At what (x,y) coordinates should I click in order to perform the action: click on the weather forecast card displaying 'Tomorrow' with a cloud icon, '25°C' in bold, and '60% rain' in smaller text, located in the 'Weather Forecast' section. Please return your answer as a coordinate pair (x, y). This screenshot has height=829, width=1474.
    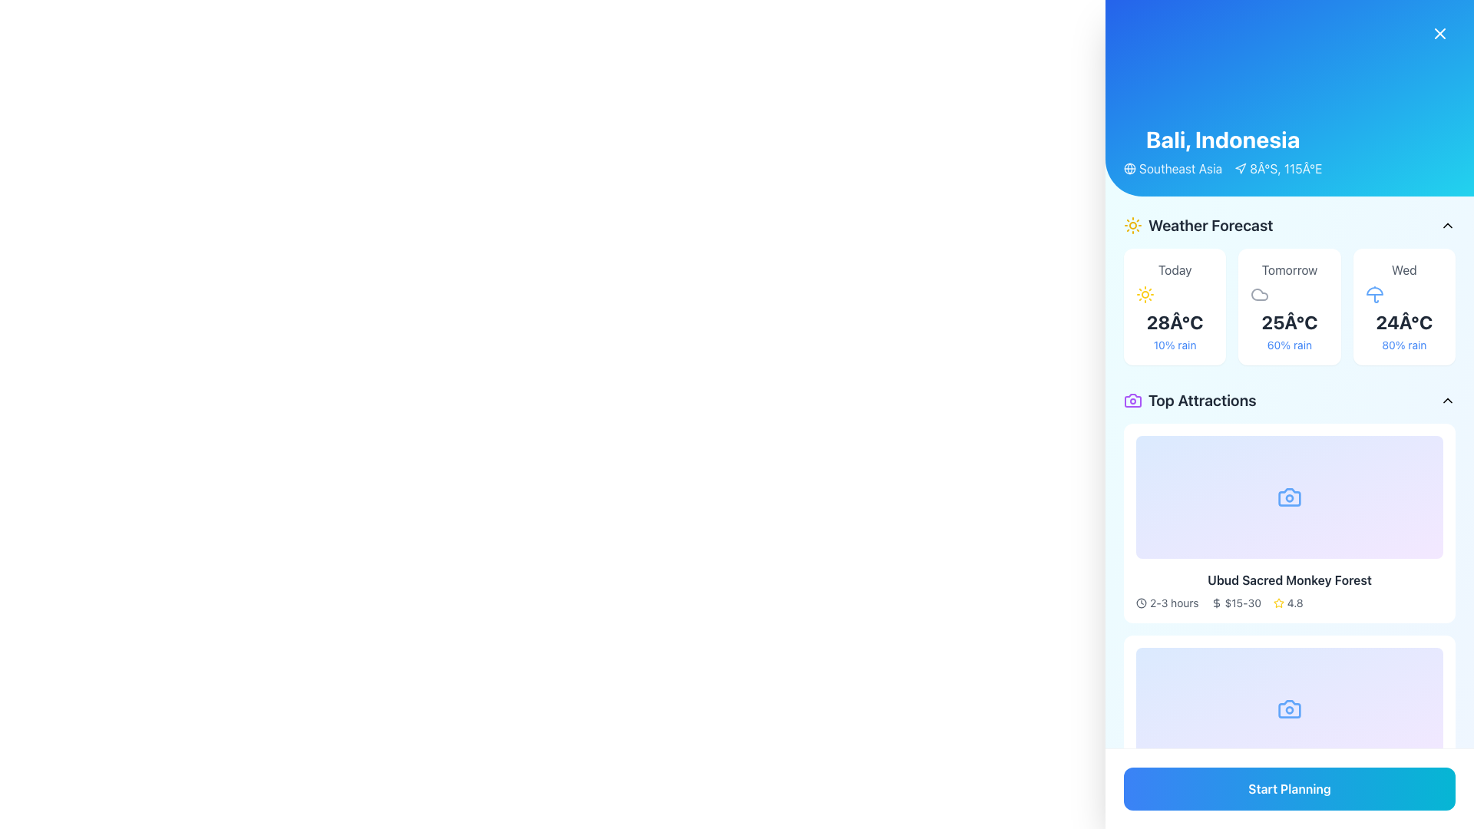
    Looking at the image, I should click on (1290, 307).